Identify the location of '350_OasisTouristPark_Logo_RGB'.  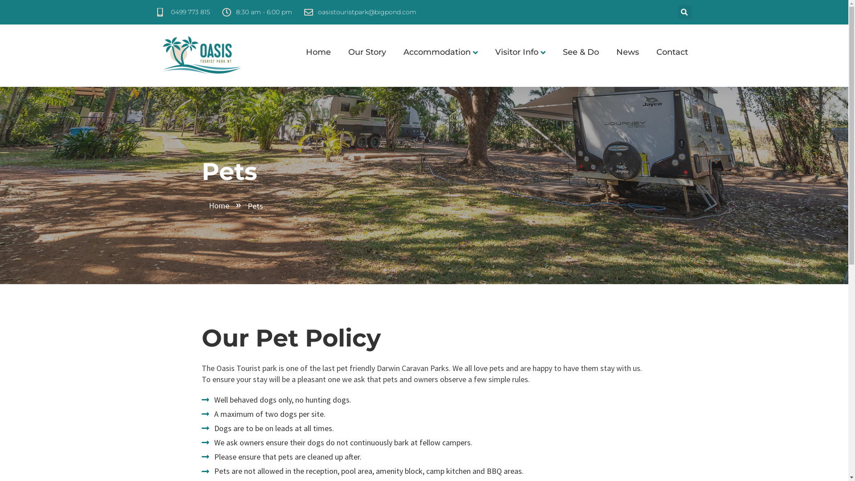
(200, 55).